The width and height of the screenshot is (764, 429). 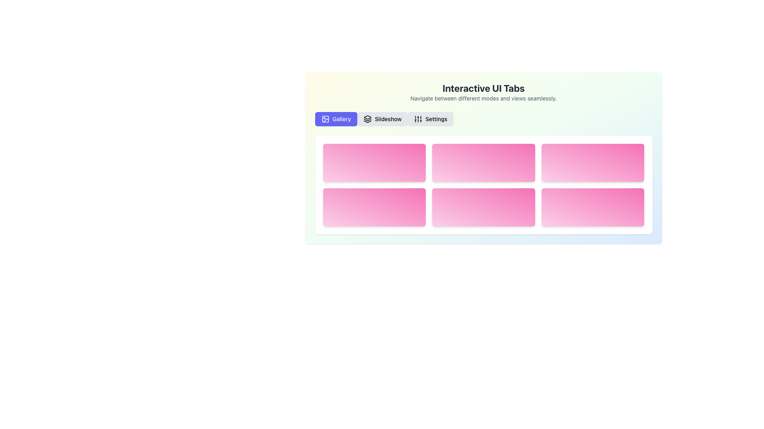 What do you see at coordinates (593, 207) in the screenshot?
I see `the Decorative Content Block located in the bottom-right corner of the grid, which is the sixth block in a two-row, three-column arrangement` at bounding box center [593, 207].